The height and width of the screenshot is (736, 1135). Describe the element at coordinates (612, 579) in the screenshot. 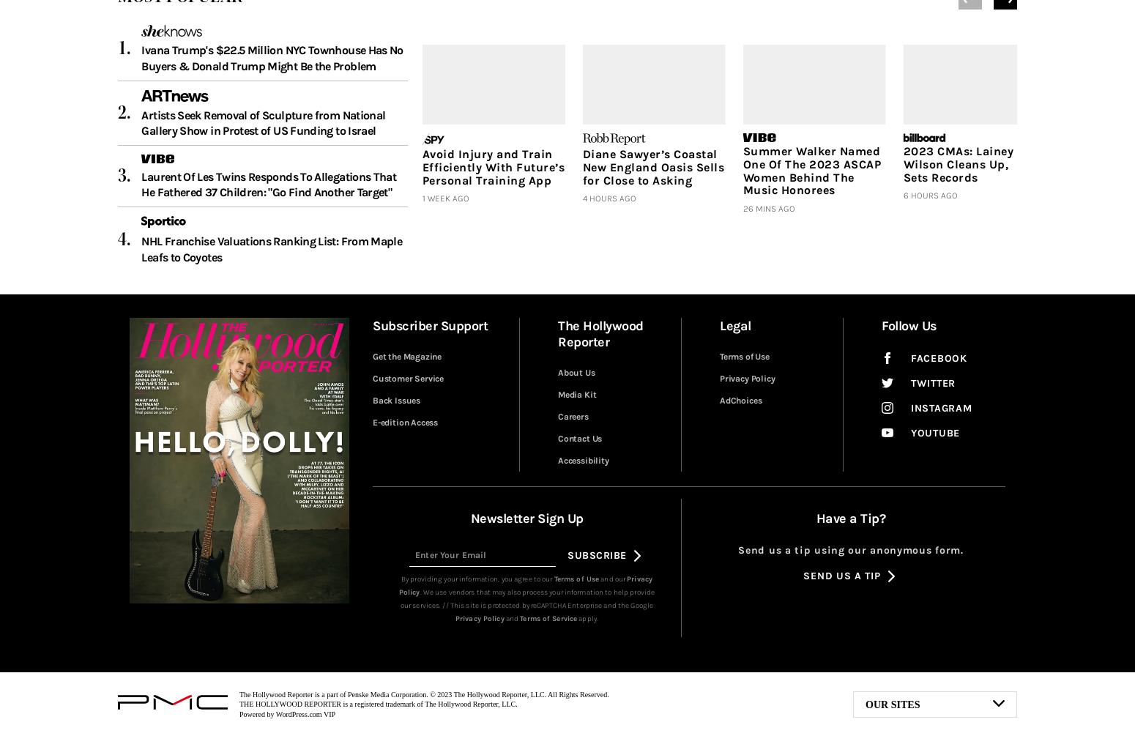

I see `'and our'` at that location.